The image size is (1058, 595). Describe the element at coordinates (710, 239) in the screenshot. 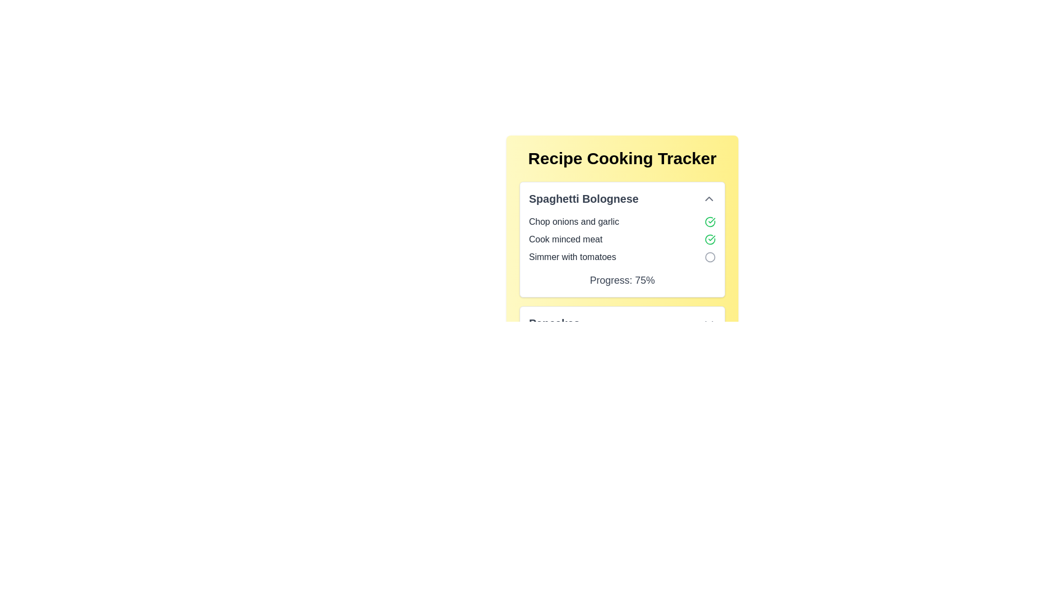

I see `the green circular outline SVG icon with a checkmark that indicates confirmation for the second item in the list next to 'Cook minced meat'` at that location.